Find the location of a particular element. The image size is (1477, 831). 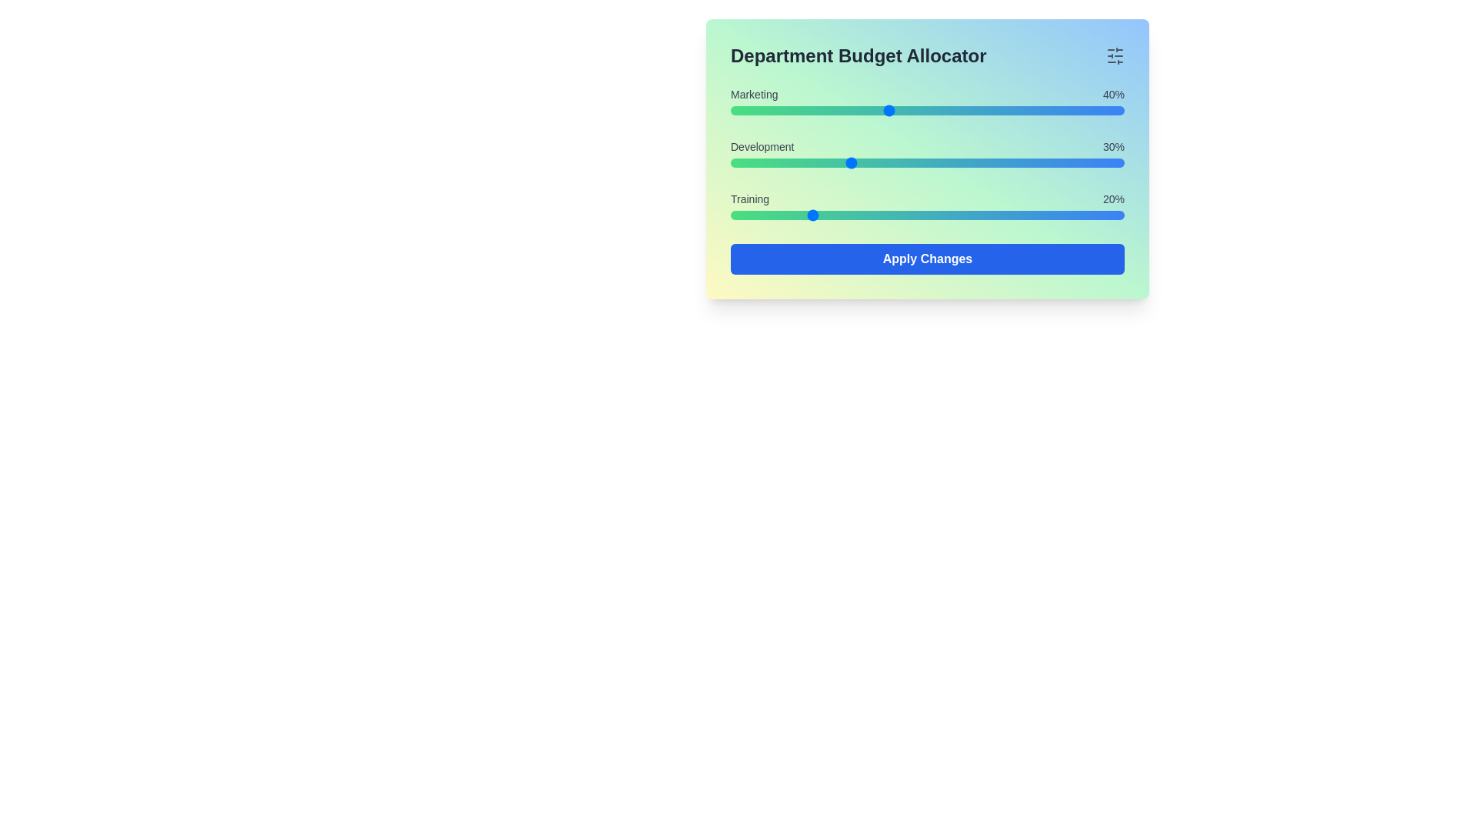

the icon at the top-right of the component is located at coordinates (1115, 55).